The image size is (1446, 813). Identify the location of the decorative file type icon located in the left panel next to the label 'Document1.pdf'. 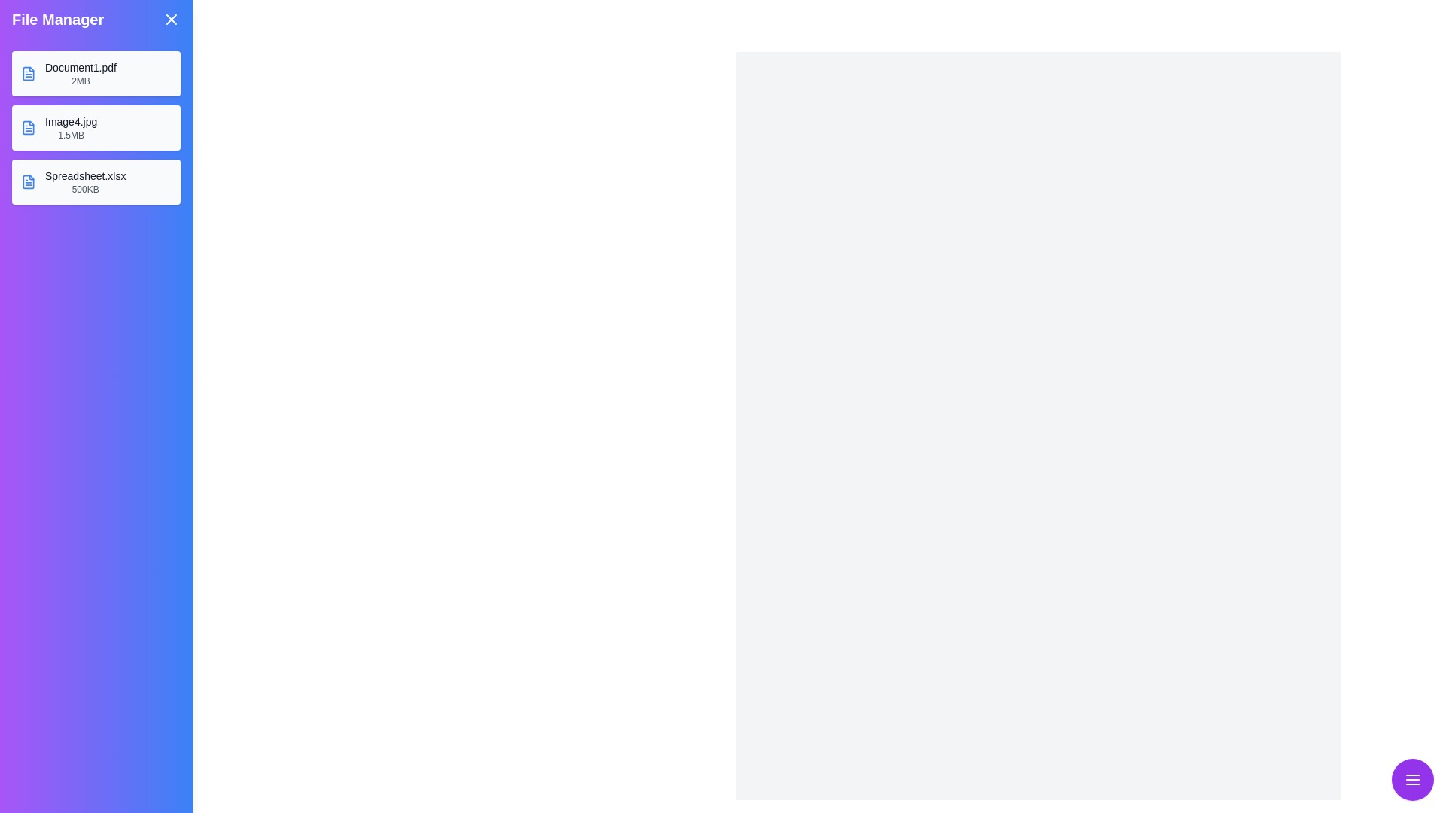
(29, 181).